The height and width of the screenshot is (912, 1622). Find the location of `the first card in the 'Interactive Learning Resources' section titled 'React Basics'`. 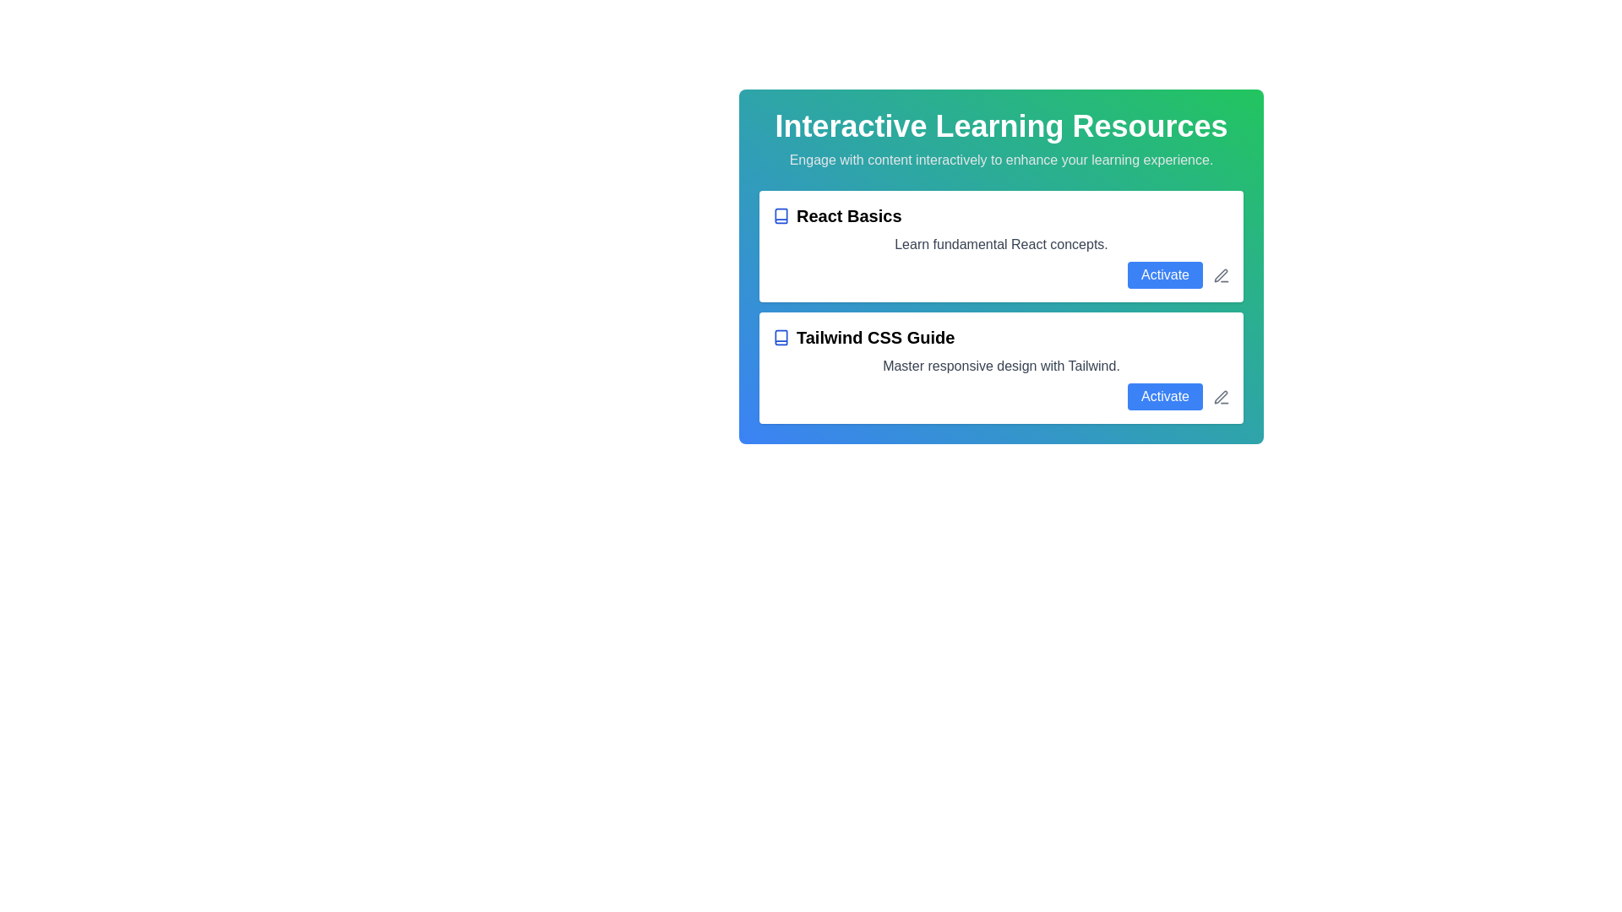

the first card in the 'Interactive Learning Resources' section titled 'React Basics' is located at coordinates (1001, 247).